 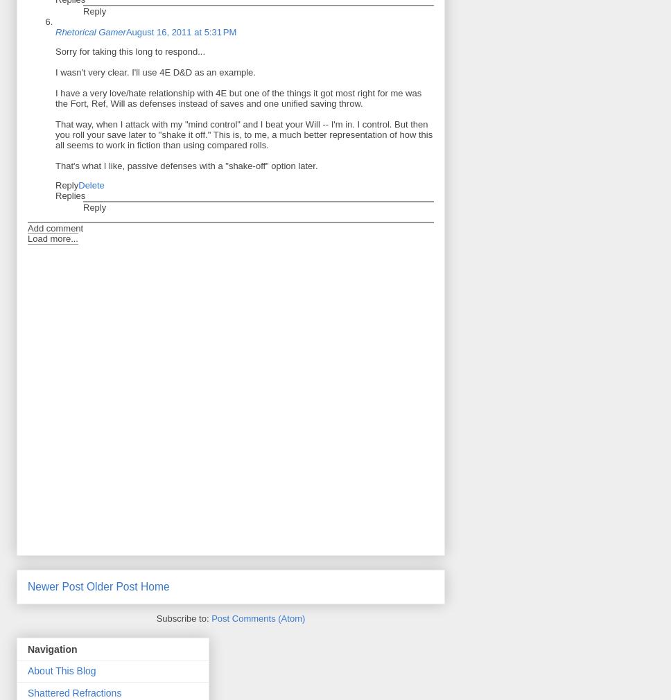 I want to click on 'I wasn't very clear.  I'll use 4E D&D as an example.', so click(x=154, y=71).